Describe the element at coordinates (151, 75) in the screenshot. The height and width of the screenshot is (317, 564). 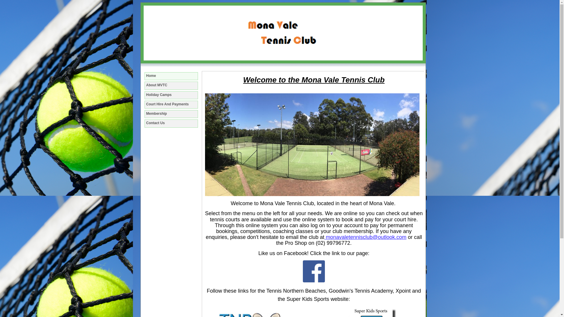
I see `'Home'` at that location.